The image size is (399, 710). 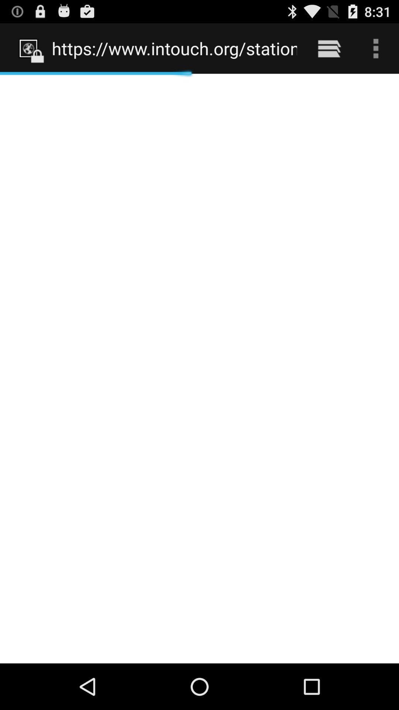 What do you see at coordinates (329, 48) in the screenshot?
I see `the item to the right of https www intouch icon` at bounding box center [329, 48].